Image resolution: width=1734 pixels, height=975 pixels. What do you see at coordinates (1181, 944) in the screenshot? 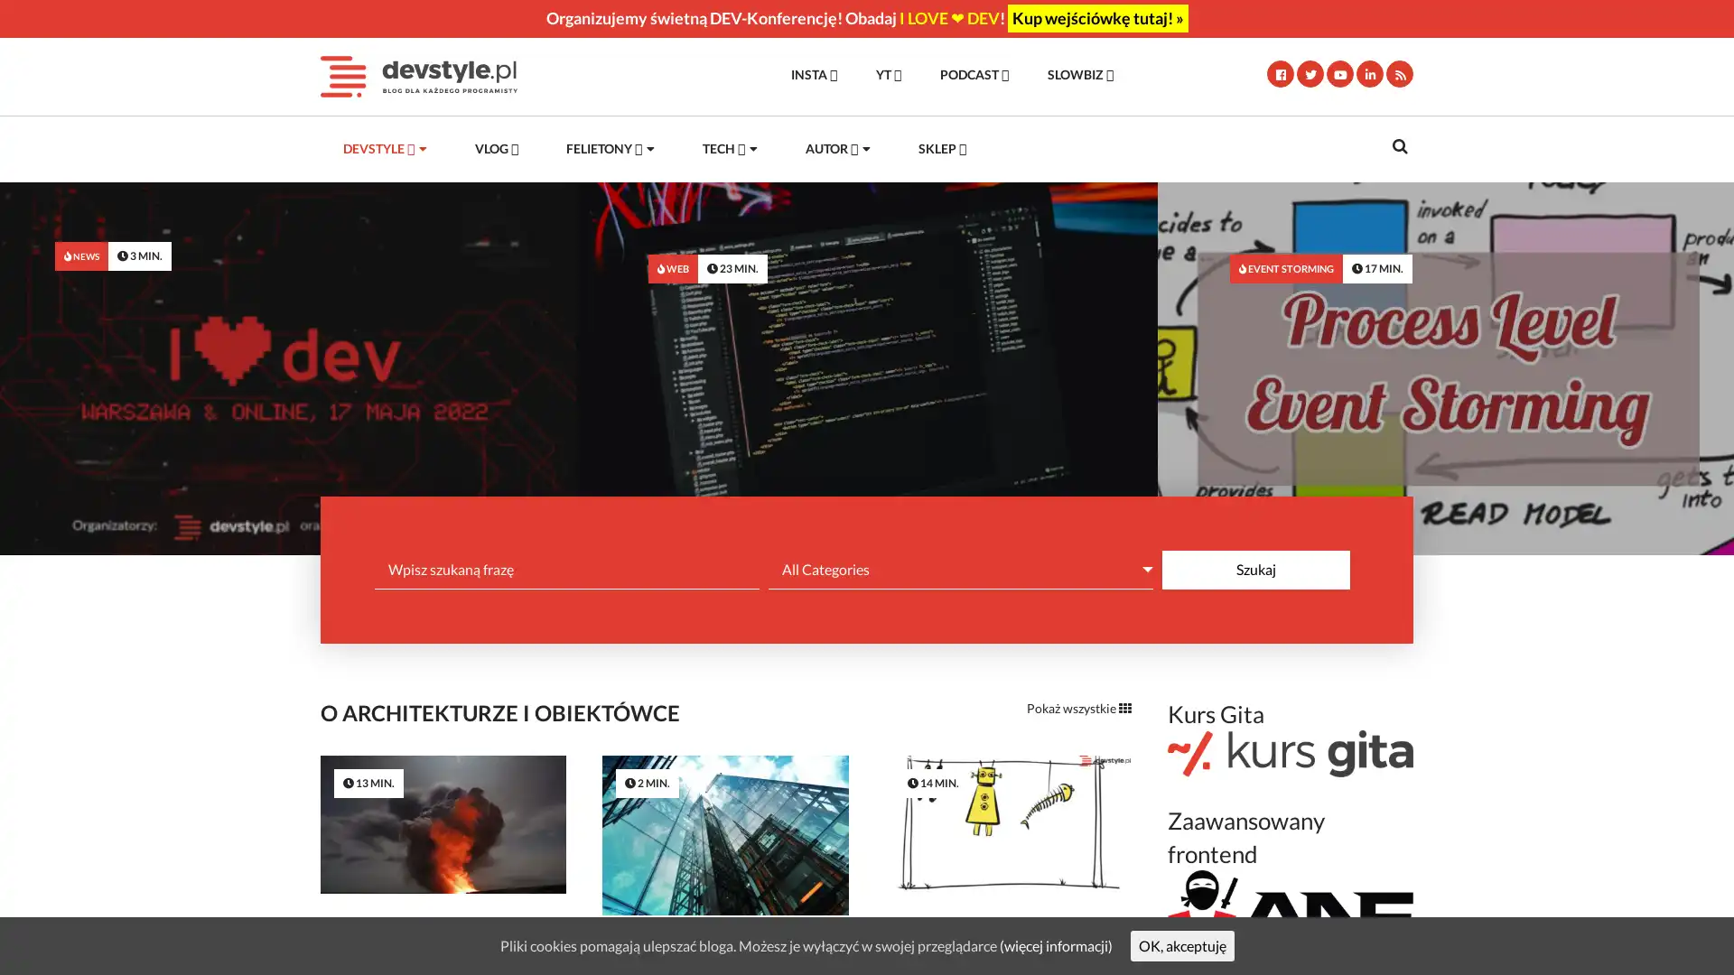
I see `OK, akceptuje` at bounding box center [1181, 944].